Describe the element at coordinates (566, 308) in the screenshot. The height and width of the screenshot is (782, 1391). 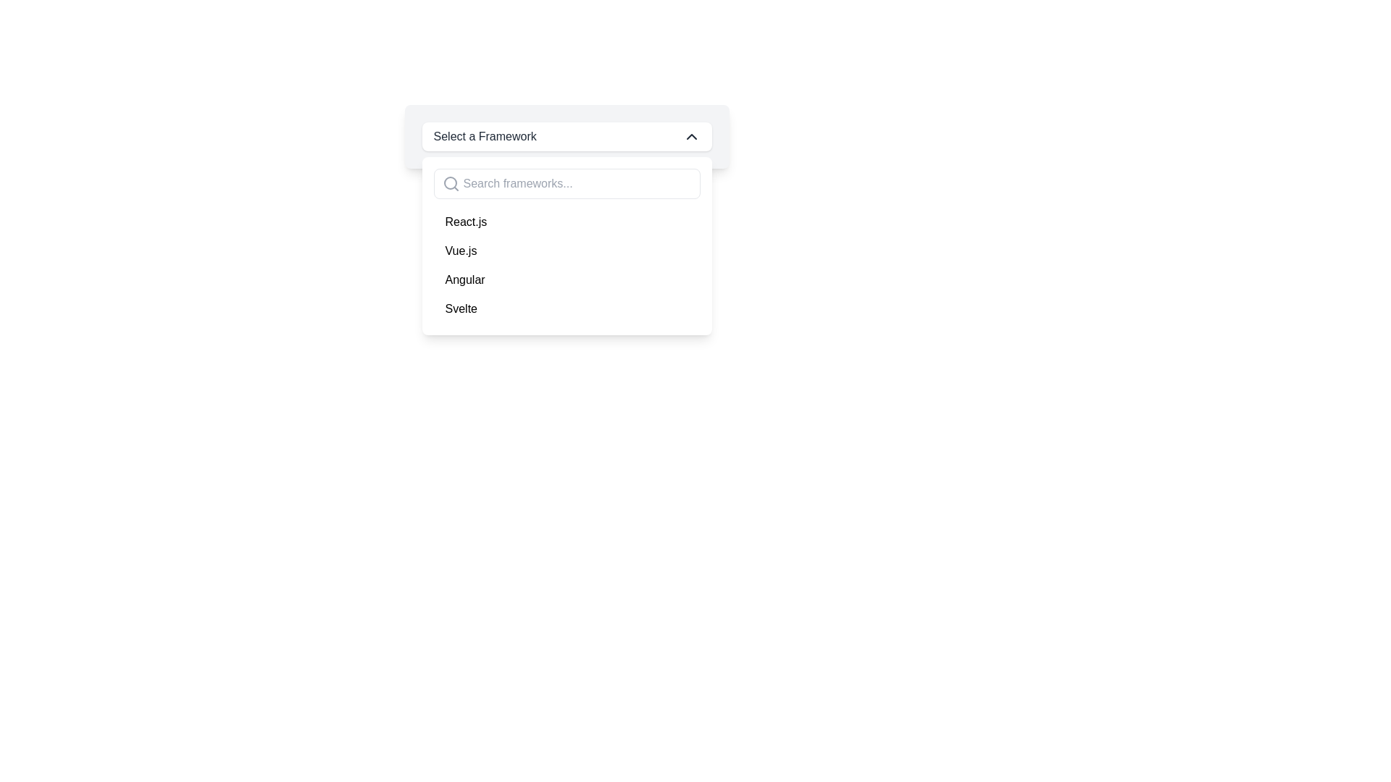
I see `the list item labeled 'Svelte' in the dropdown menu` at that location.